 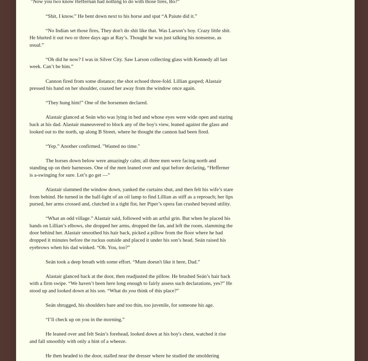 What do you see at coordinates (122, 261) in the screenshot?
I see `'Seán took a deep breath with some
effort. “Mum doesn't like it here, Dad.”'` at bounding box center [122, 261].